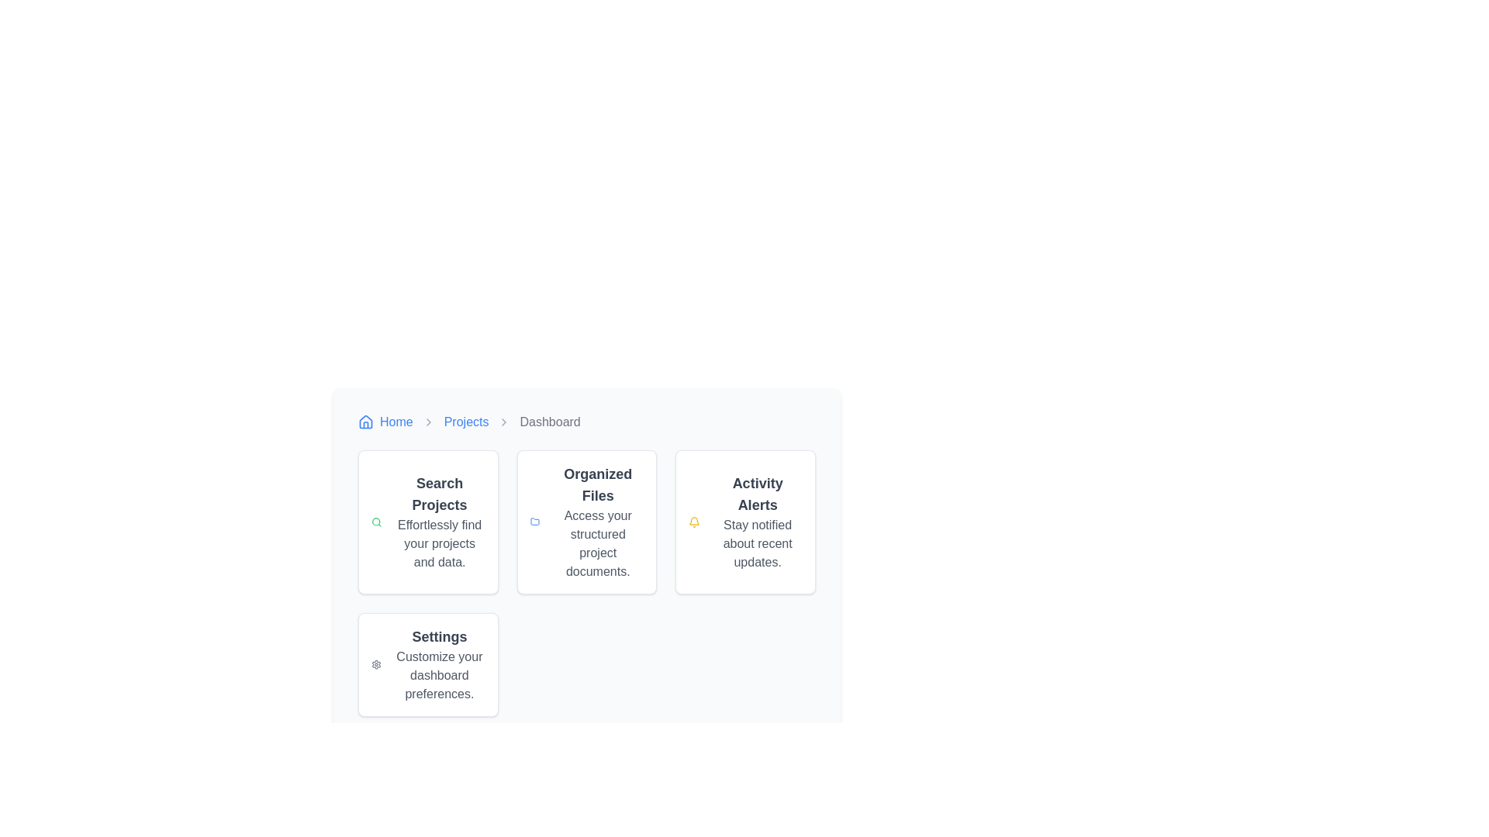 The image size is (1489, 837). What do you see at coordinates (439, 522) in the screenshot?
I see `the text block located below the green search icon in the leftmost card of the grid` at bounding box center [439, 522].